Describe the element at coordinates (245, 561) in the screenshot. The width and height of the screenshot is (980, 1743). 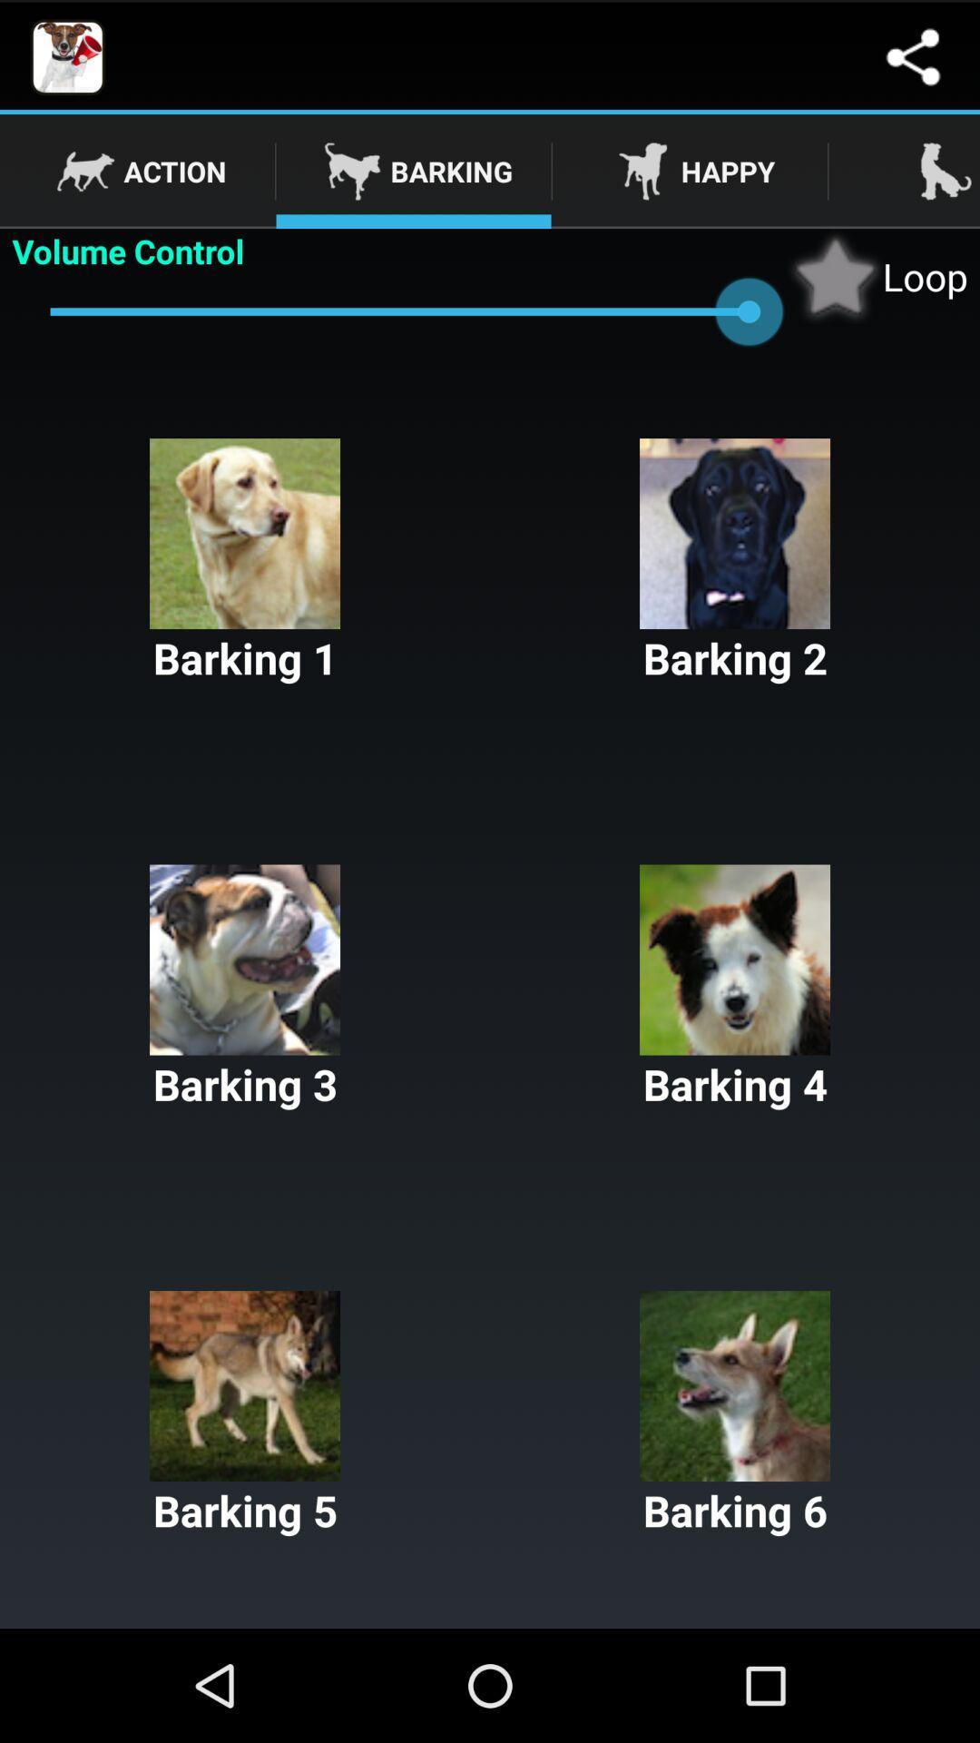
I see `icon above barking 3 item` at that location.